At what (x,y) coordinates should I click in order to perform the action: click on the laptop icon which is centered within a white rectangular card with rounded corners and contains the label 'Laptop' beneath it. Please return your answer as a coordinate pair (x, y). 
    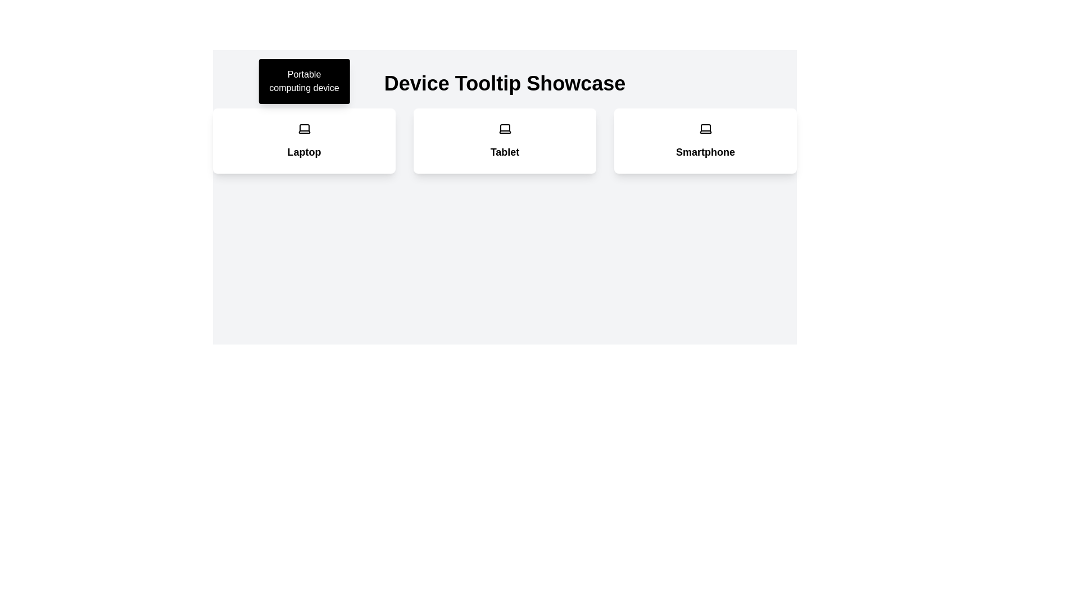
    Looking at the image, I should click on (304, 128).